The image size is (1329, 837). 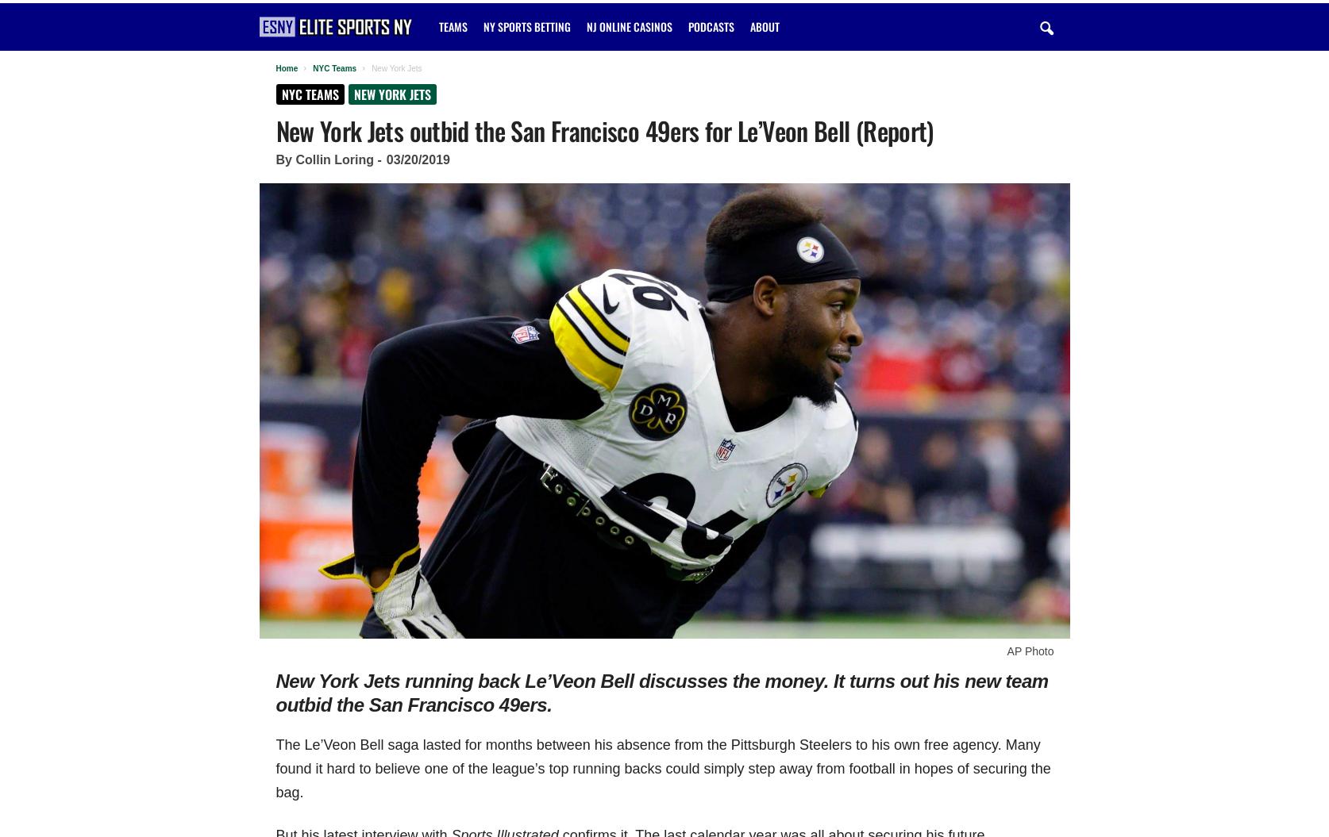 I want to click on 'AP Photo', so click(x=1029, y=650).